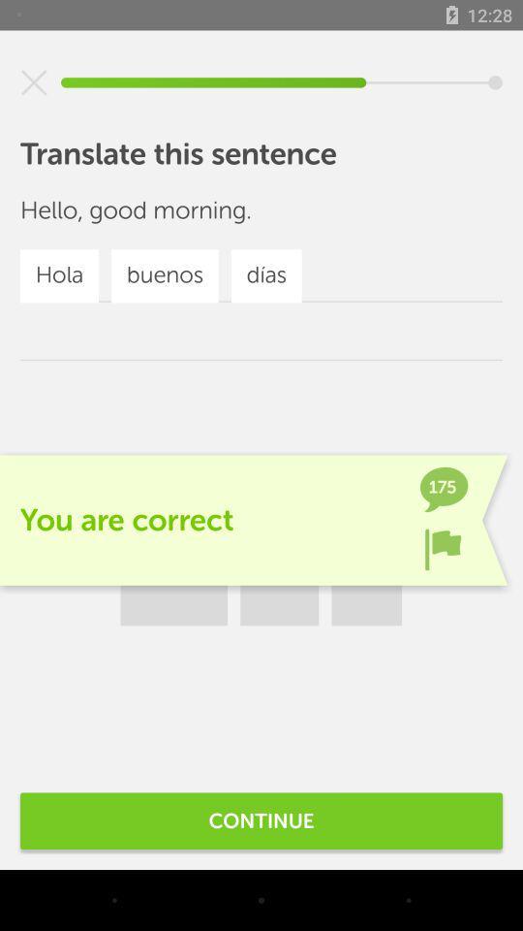  Describe the element at coordinates (59, 274) in the screenshot. I see `hola` at that location.